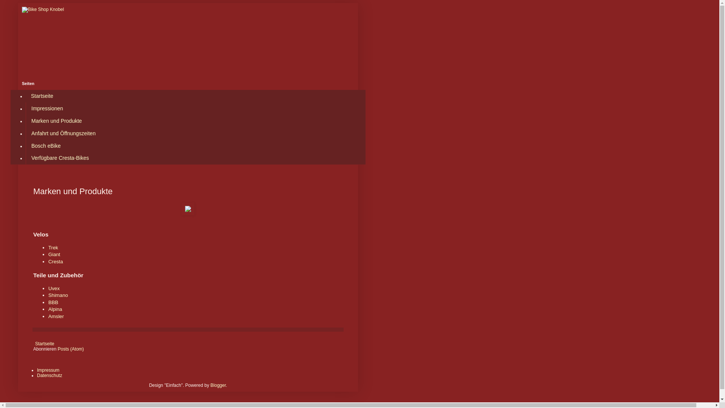  Describe the element at coordinates (42, 96) in the screenshot. I see `'Startseite'` at that location.